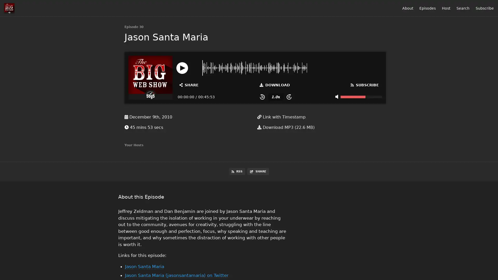 This screenshot has height=280, width=498. Describe the element at coordinates (289, 97) in the screenshot. I see `Skip Forward 15 Seconds` at that location.